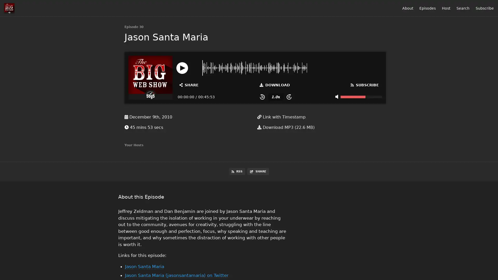 This screenshot has height=280, width=498. Describe the element at coordinates (289, 97) in the screenshot. I see `Skip Forward 15 Seconds` at that location.